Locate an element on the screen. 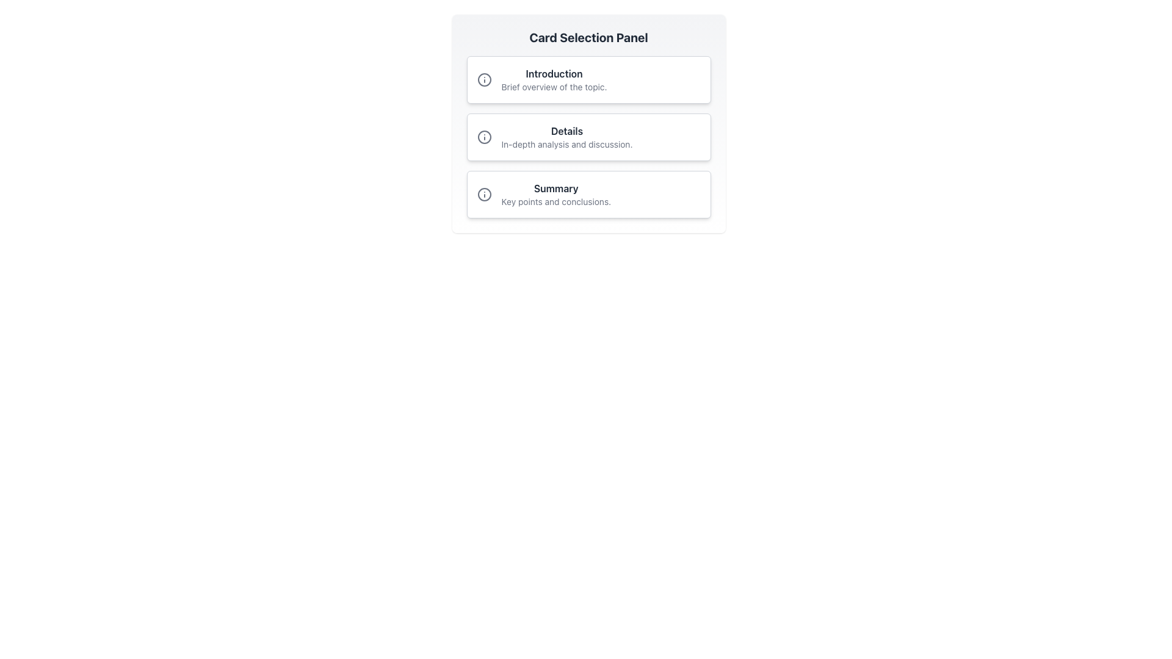 This screenshot has height=659, width=1172. the text element that reads 'In-depth analysis and discussion.' located directly below the 'Details' title in the second card of the vertical list is located at coordinates (566, 143).